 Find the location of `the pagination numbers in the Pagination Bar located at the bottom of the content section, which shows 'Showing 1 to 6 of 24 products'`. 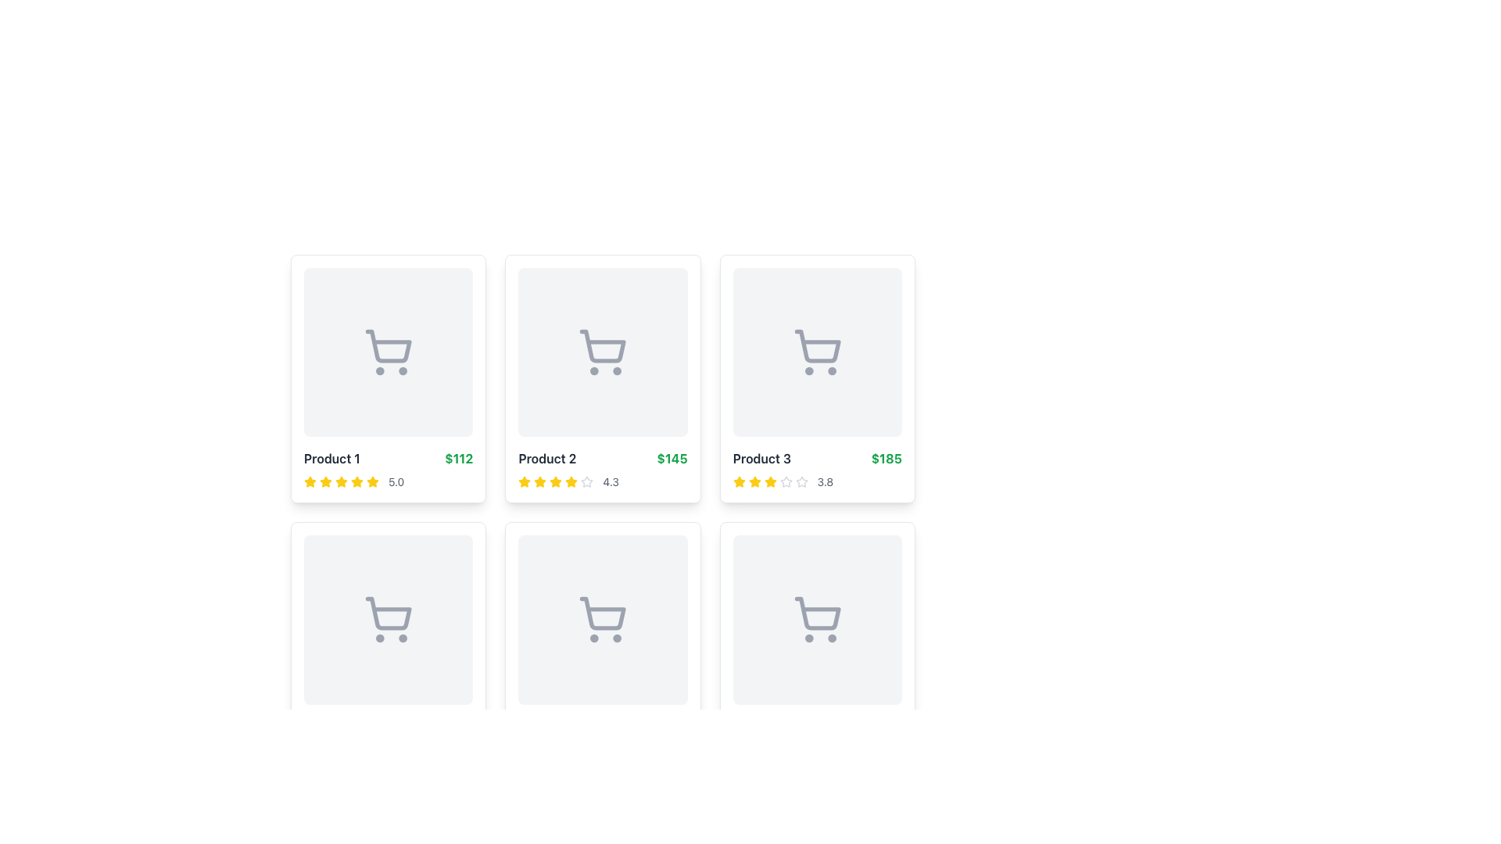

the pagination numbers in the Pagination Bar located at the bottom of the content section, which shows 'Showing 1 to 6 of 24 products' is located at coordinates (602, 818).